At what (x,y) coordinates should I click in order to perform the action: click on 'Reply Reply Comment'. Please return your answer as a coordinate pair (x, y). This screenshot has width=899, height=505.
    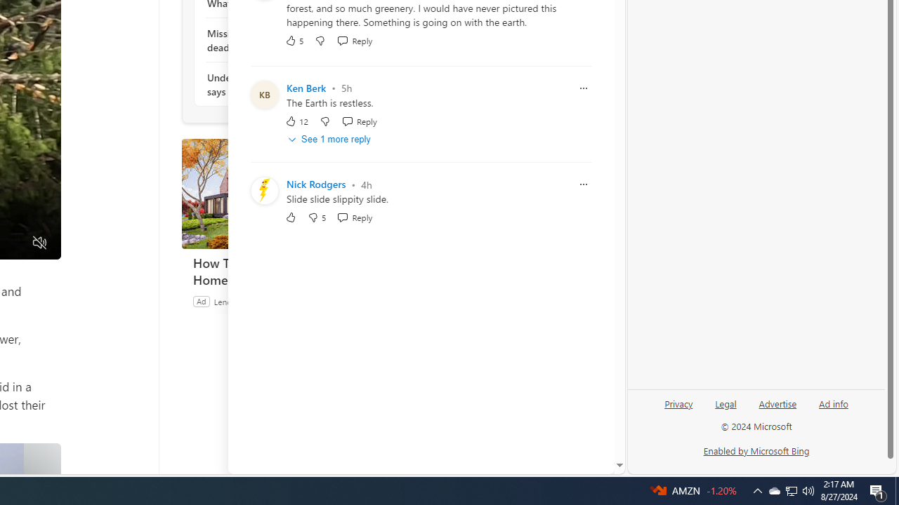
    Looking at the image, I should click on (355, 217).